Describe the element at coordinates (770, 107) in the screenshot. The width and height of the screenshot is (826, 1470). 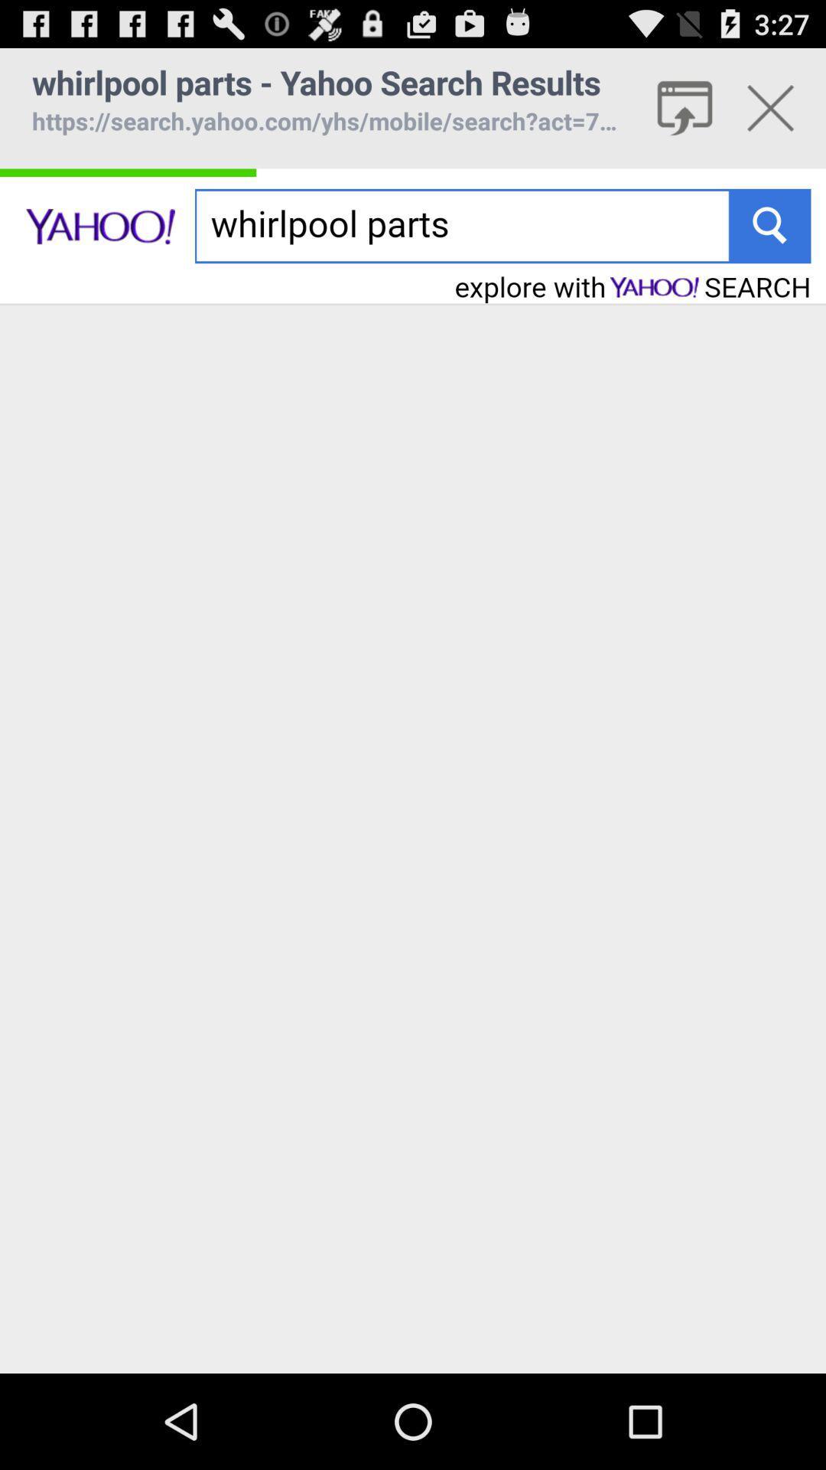
I see `advertisement` at that location.